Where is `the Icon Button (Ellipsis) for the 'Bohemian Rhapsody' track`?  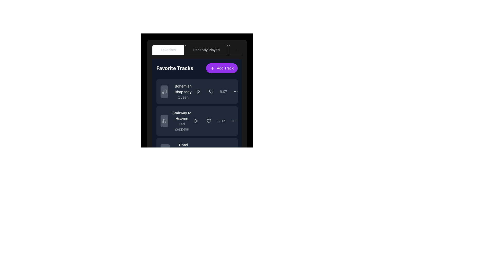
the Icon Button (Ellipsis) for the 'Bohemian Rhapsody' track is located at coordinates (235, 91).